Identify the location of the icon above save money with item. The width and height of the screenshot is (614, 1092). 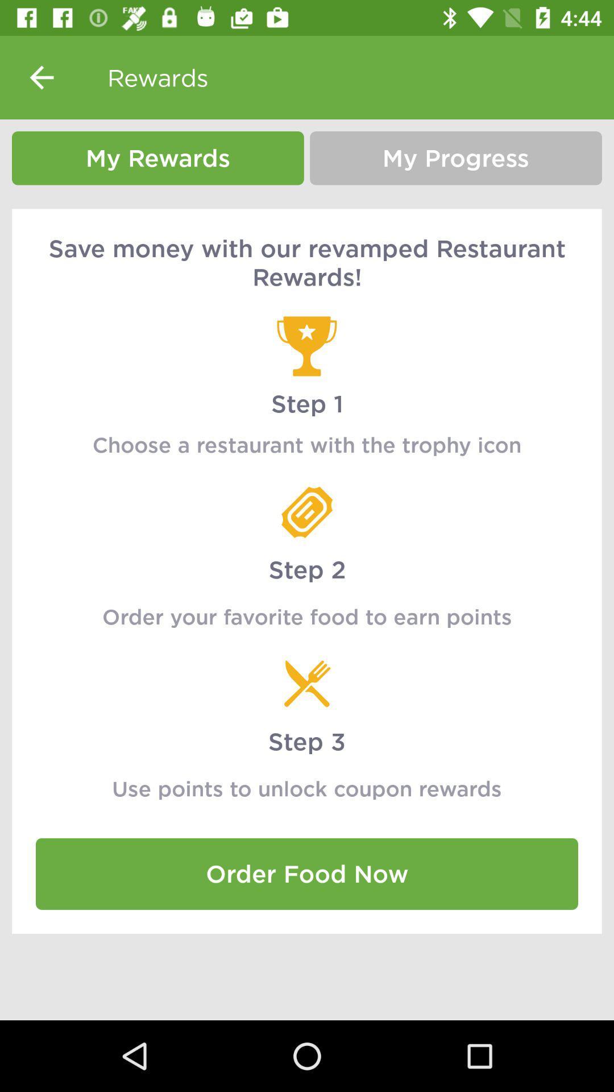
(455, 158).